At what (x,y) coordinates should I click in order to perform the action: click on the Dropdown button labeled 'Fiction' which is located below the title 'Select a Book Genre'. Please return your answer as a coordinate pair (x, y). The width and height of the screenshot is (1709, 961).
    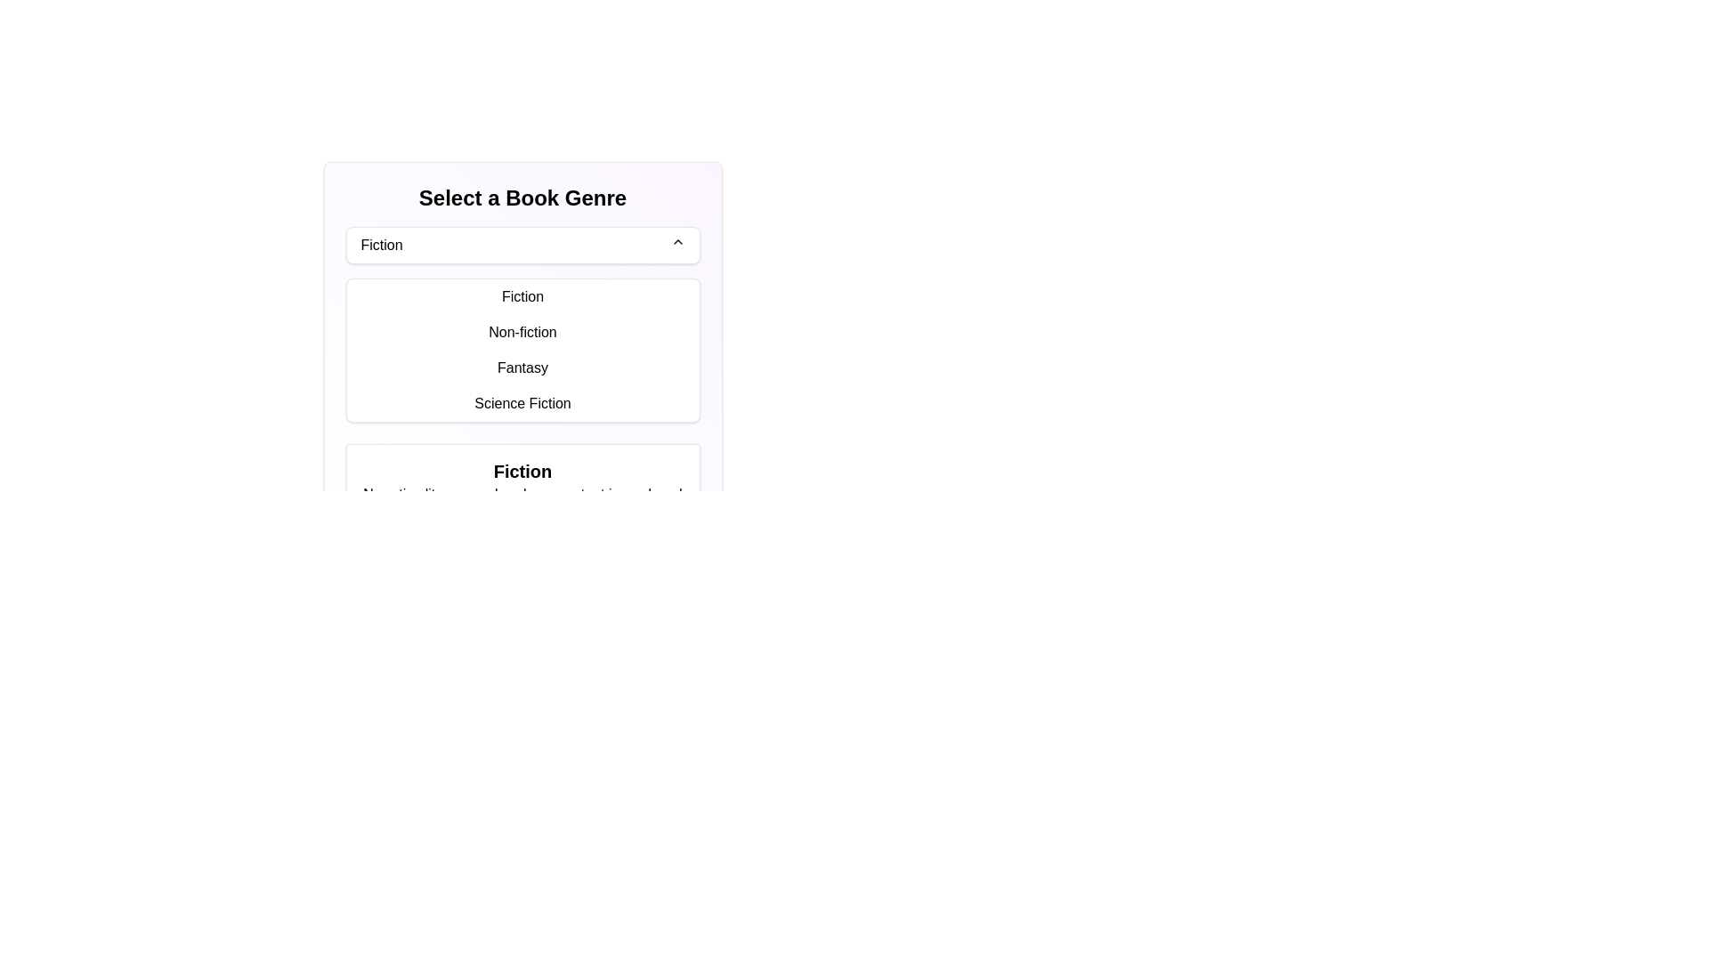
    Looking at the image, I should click on (522, 246).